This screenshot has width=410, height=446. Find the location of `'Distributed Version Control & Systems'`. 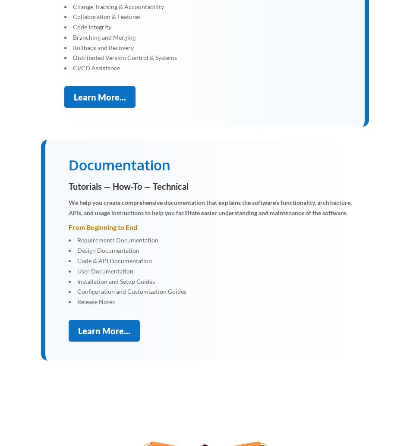

'Distributed Version Control & Systems' is located at coordinates (124, 57).